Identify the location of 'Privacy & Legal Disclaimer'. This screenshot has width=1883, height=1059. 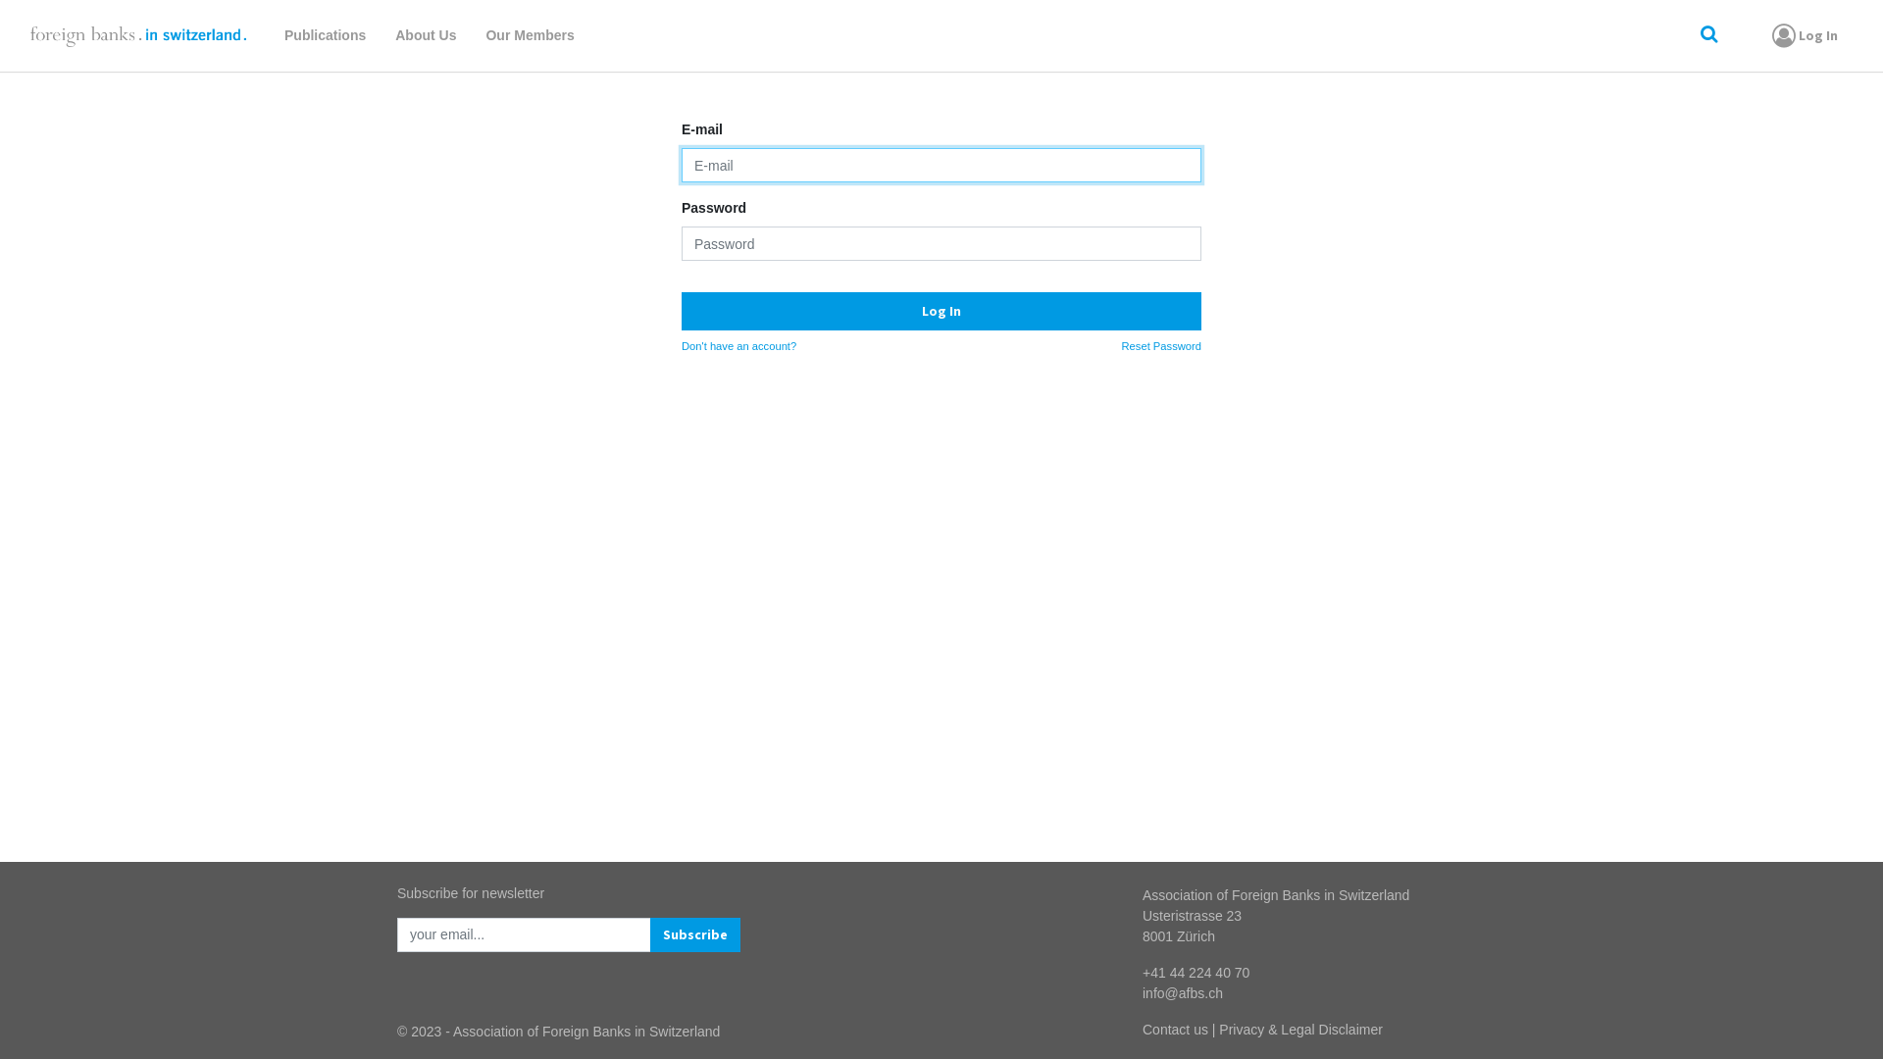
(1300, 1028).